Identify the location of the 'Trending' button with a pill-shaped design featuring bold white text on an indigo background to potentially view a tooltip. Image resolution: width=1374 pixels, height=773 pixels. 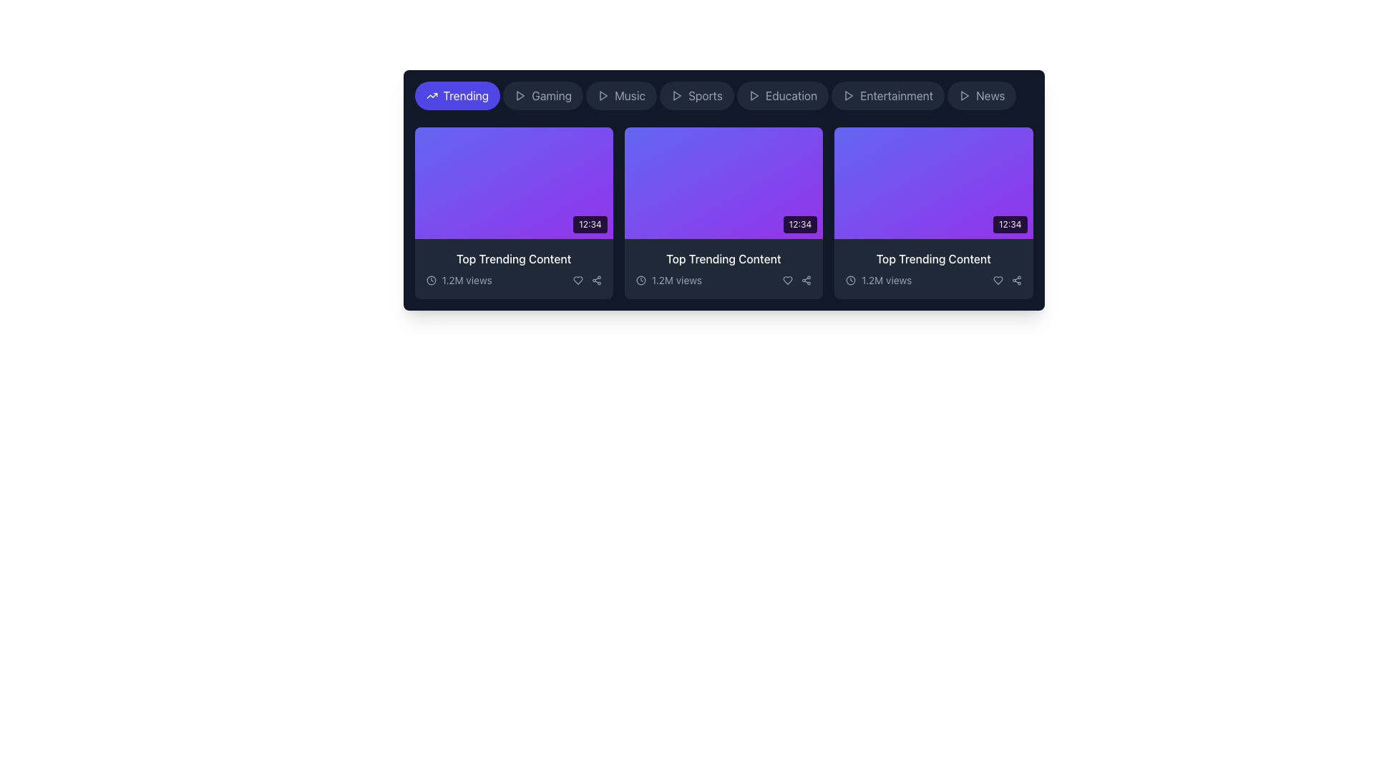
(457, 96).